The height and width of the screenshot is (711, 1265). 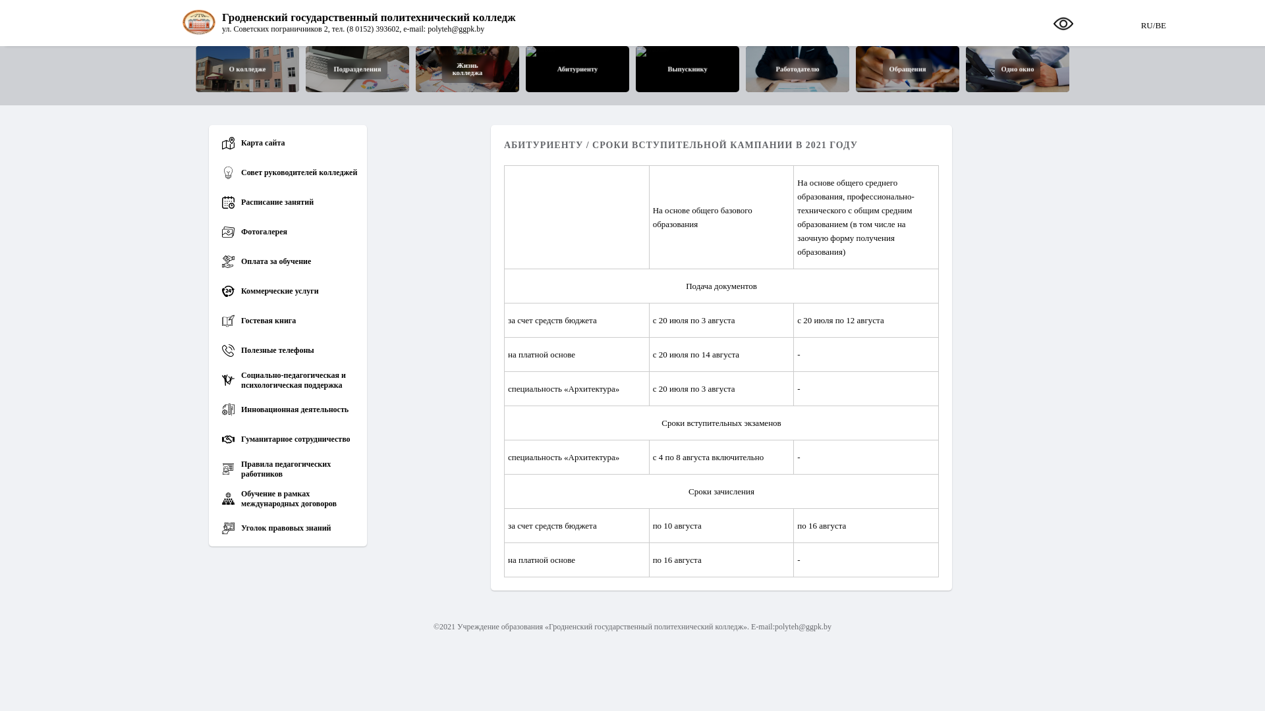 What do you see at coordinates (1154, 22) in the screenshot?
I see `'BE'` at bounding box center [1154, 22].